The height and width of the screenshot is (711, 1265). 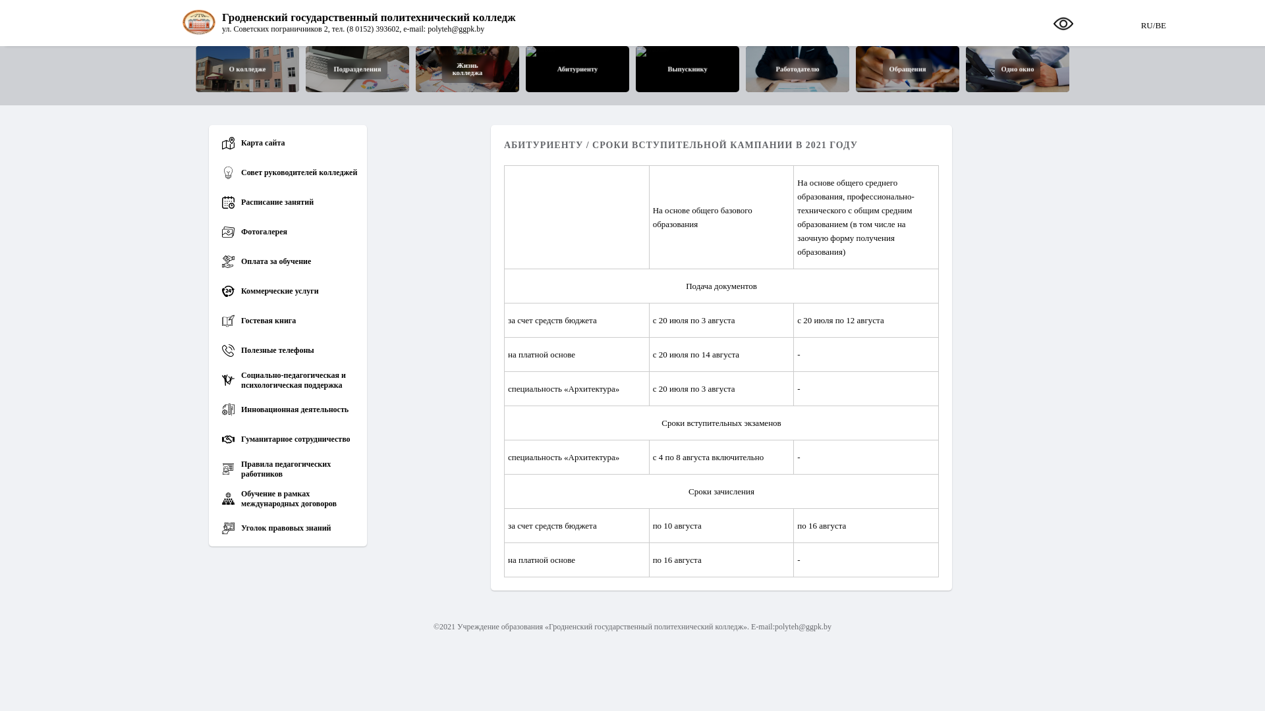 What do you see at coordinates (1154, 22) in the screenshot?
I see `'BE'` at bounding box center [1154, 22].